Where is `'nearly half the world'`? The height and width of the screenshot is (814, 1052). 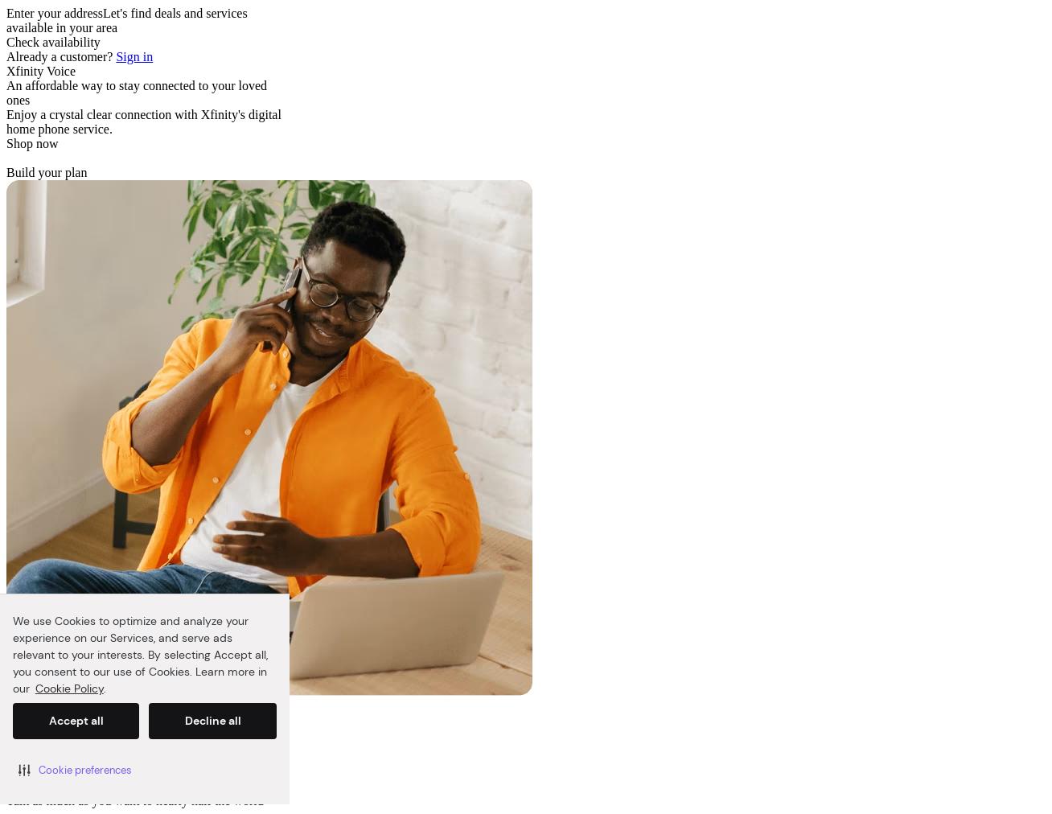
'nearly half the world' is located at coordinates (208, 800).